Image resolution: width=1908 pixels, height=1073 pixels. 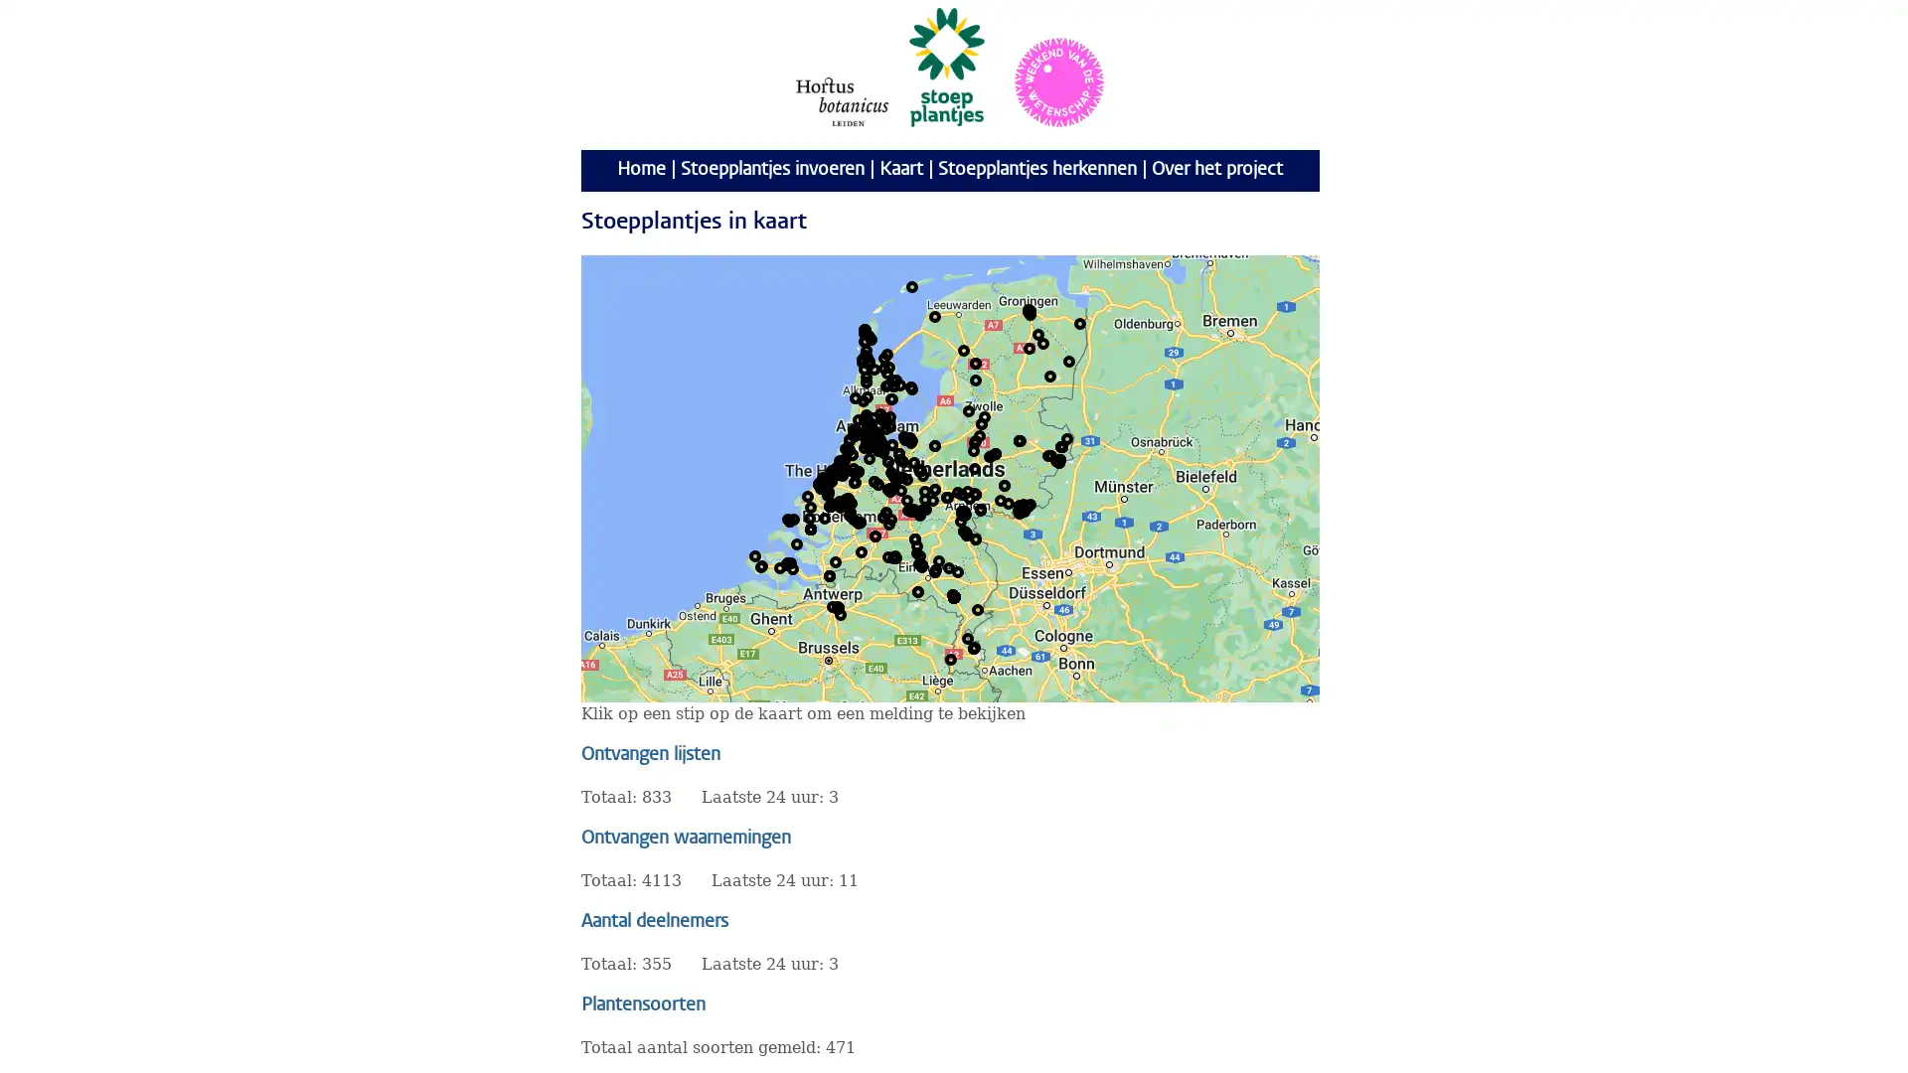 What do you see at coordinates (870, 439) in the screenshot?
I see `Telling van op 22 januari 2022` at bounding box center [870, 439].